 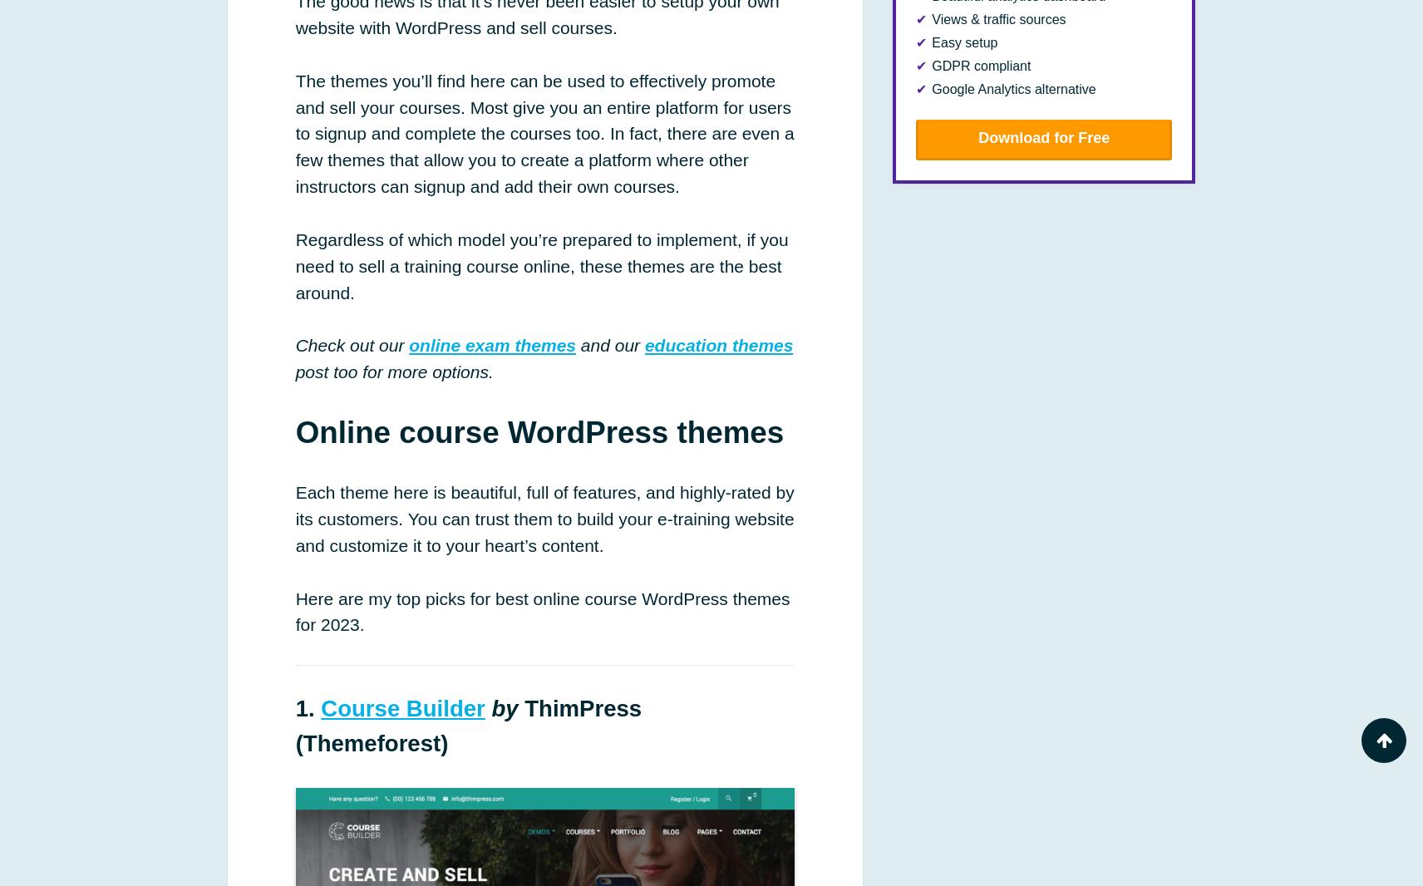 What do you see at coordinates (504, 708) in the screenshot?
I see `'by'` at bounding box center [504, 708].